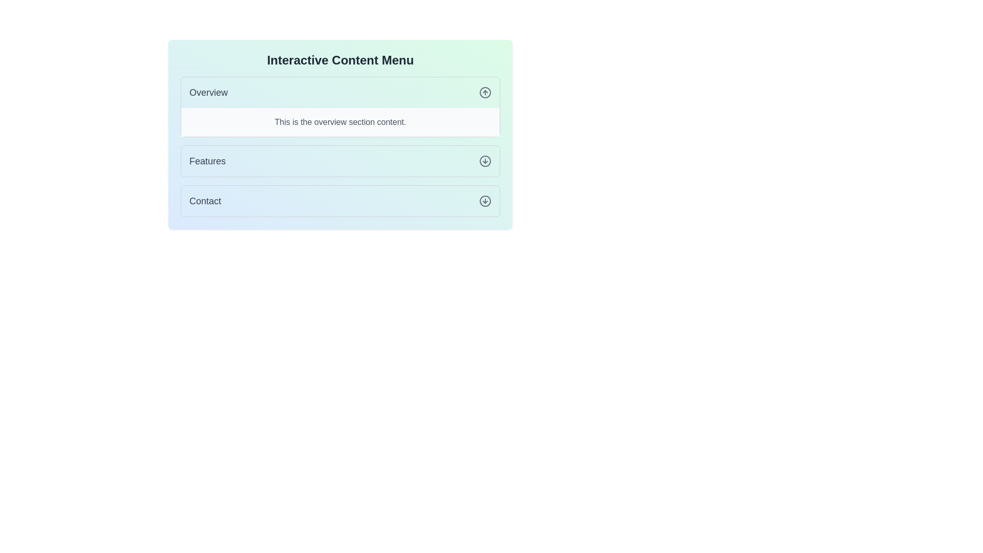  Describe the element at coordinates (208, 93) in the screenshot. I see `the static text label that indicates the current section of the application, positioned in the upper left area of the interface` at that location.